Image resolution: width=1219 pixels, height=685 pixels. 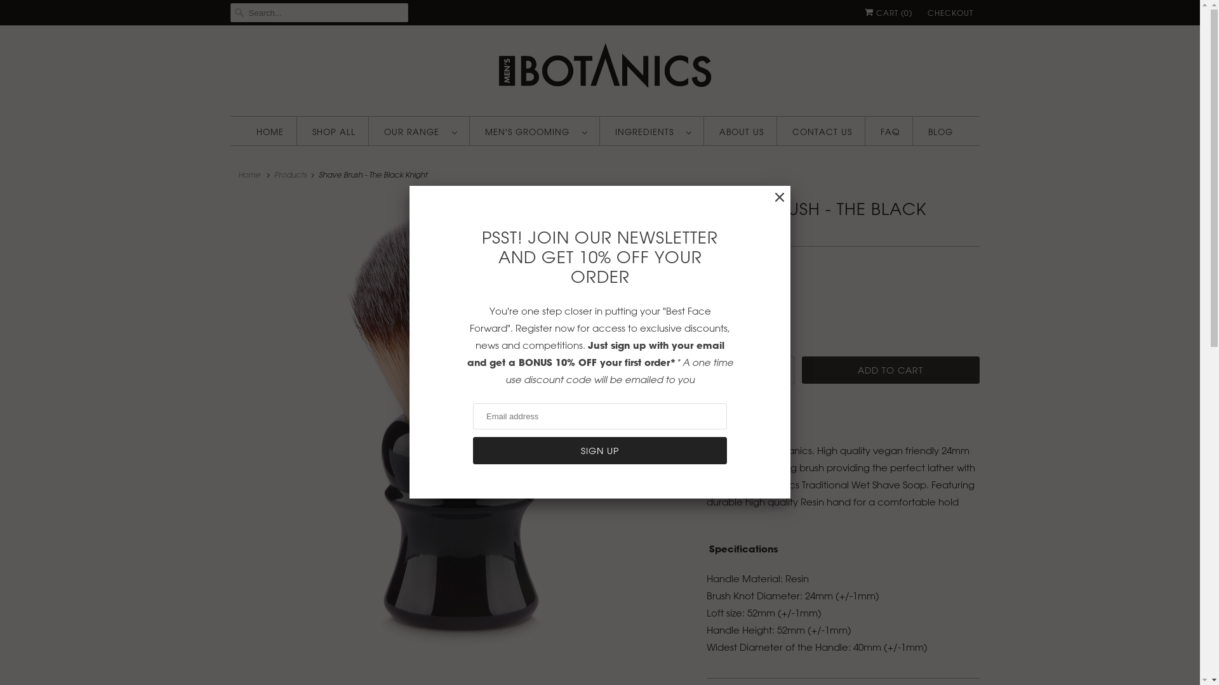 What do you see at coordinates (779, 197) in the screenshot?
I see `'Close'` at bounding box center [779, 197].